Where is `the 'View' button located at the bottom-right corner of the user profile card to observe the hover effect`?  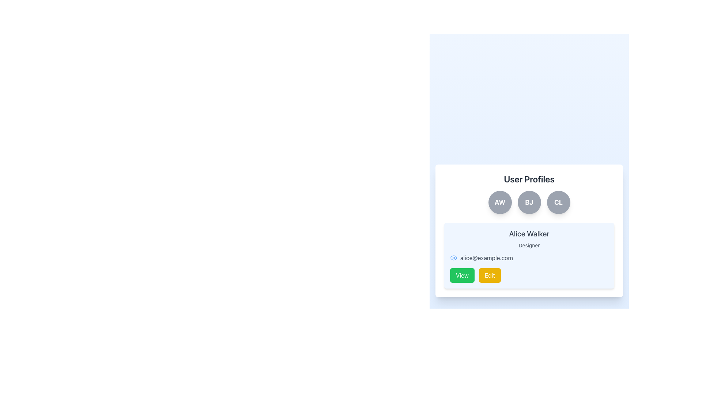 the 'View' button located at the bottom-right corner of the user profile card to observe the hover effect is located at coordinates (462, 275).